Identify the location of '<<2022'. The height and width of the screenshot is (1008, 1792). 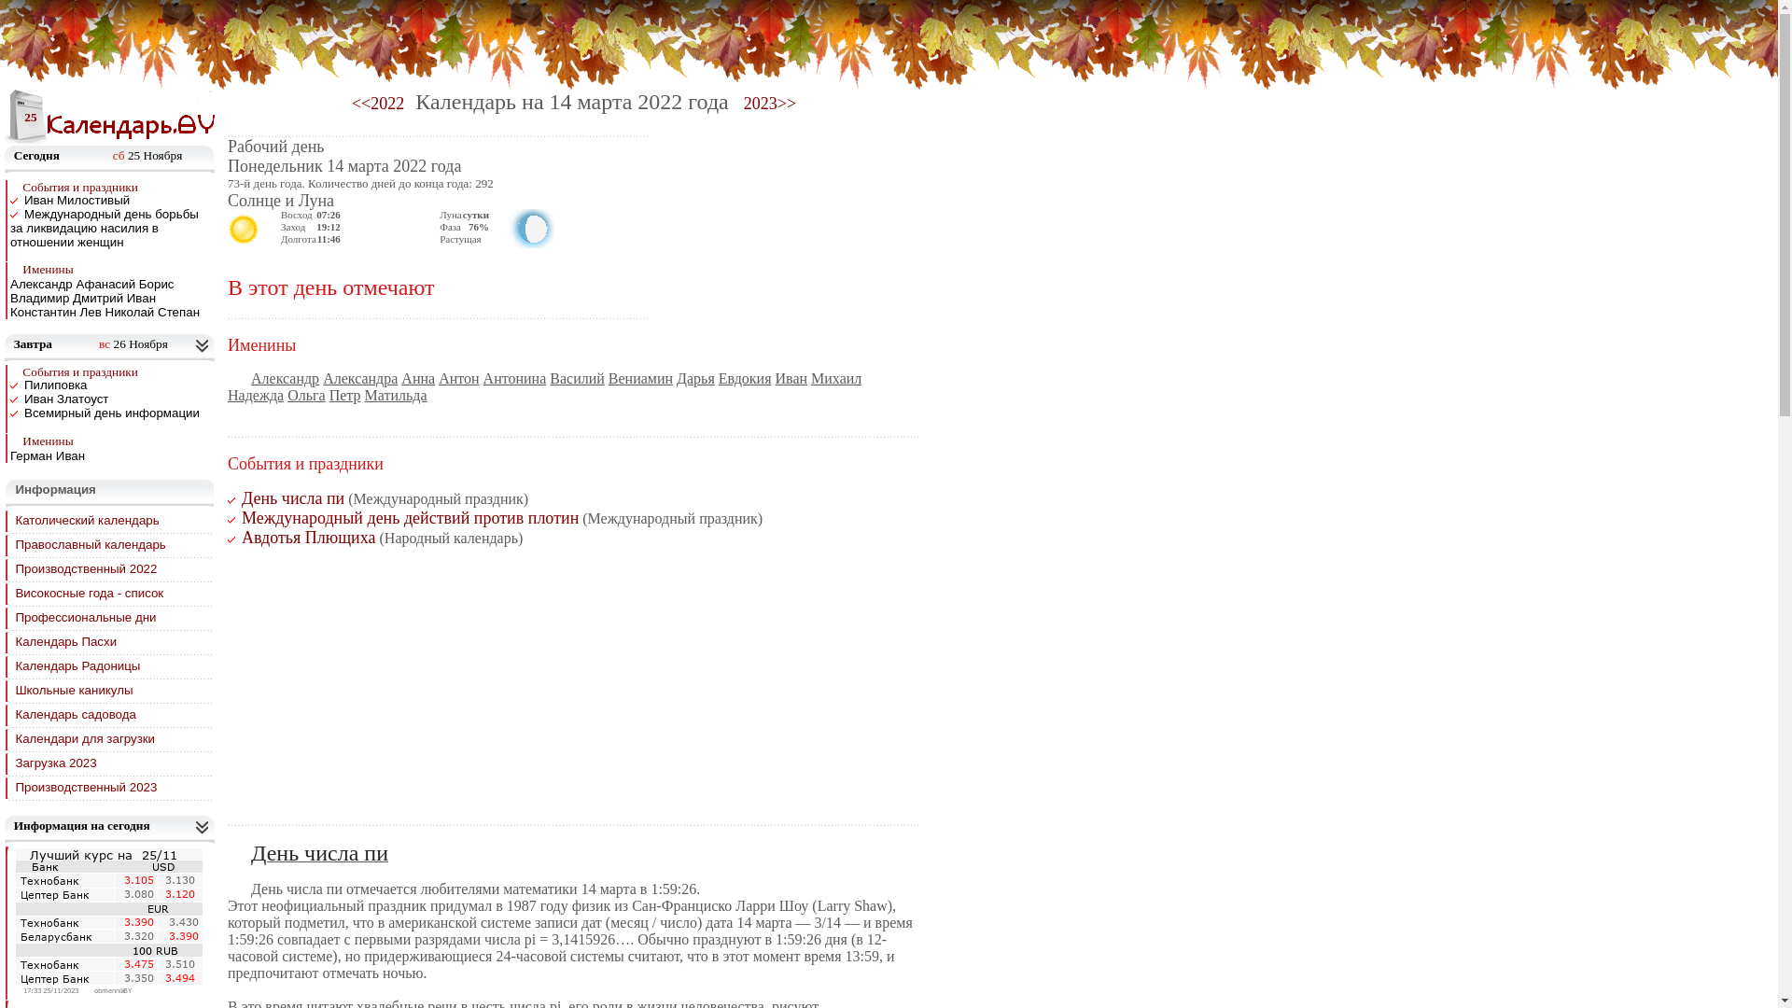
(376, 104).